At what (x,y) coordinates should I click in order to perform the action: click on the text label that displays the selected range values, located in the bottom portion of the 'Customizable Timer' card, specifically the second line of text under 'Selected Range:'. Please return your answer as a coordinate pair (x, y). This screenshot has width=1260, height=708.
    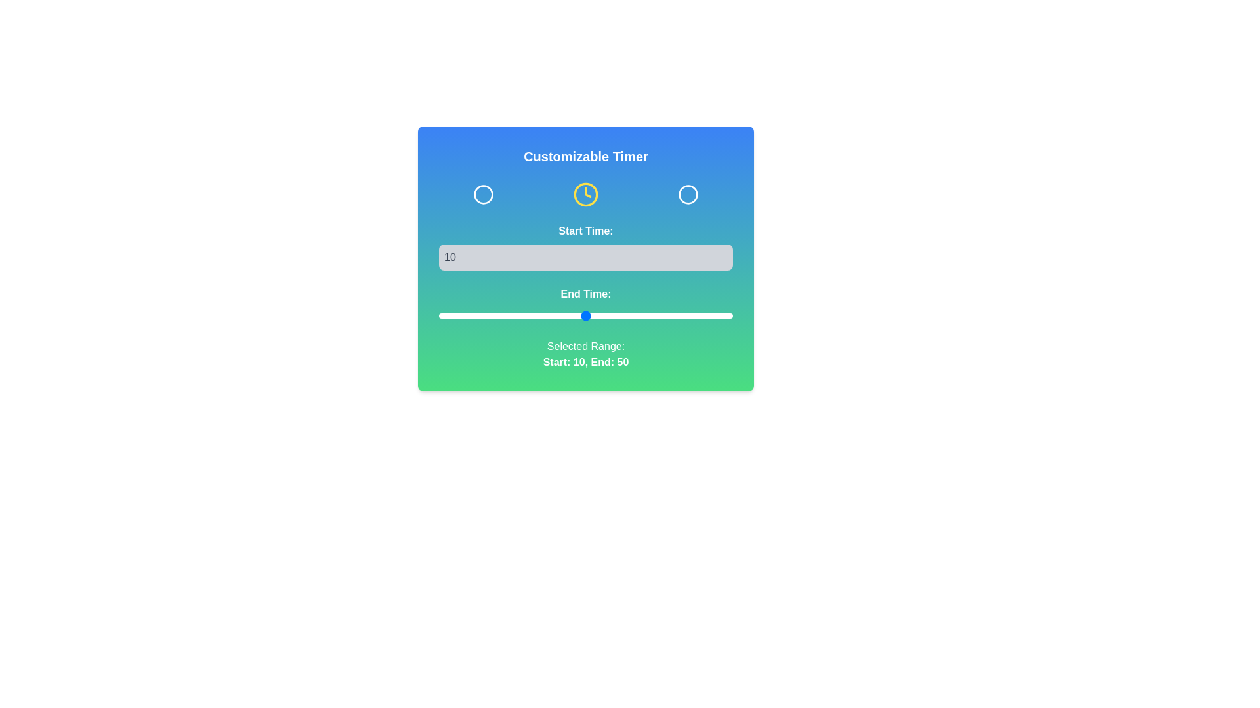
    Looking at the image, I should click on (585, 362).